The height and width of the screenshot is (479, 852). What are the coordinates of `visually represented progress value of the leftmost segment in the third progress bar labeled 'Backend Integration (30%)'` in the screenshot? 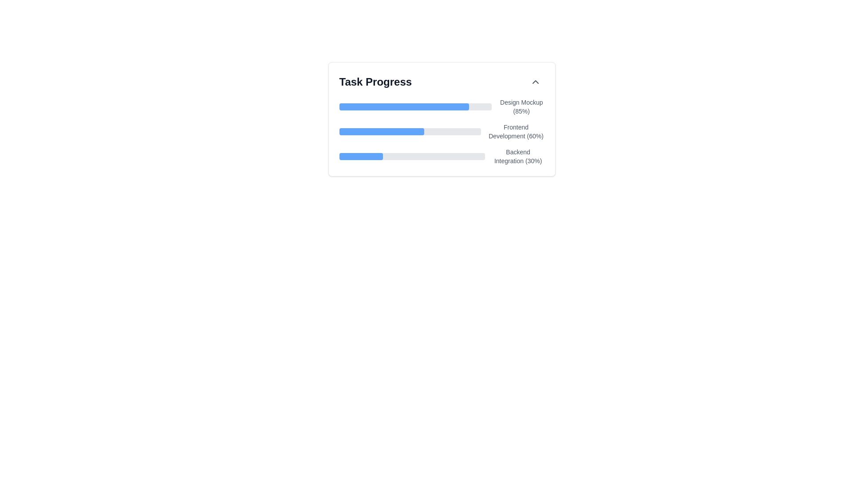 It's located at (361, 156).